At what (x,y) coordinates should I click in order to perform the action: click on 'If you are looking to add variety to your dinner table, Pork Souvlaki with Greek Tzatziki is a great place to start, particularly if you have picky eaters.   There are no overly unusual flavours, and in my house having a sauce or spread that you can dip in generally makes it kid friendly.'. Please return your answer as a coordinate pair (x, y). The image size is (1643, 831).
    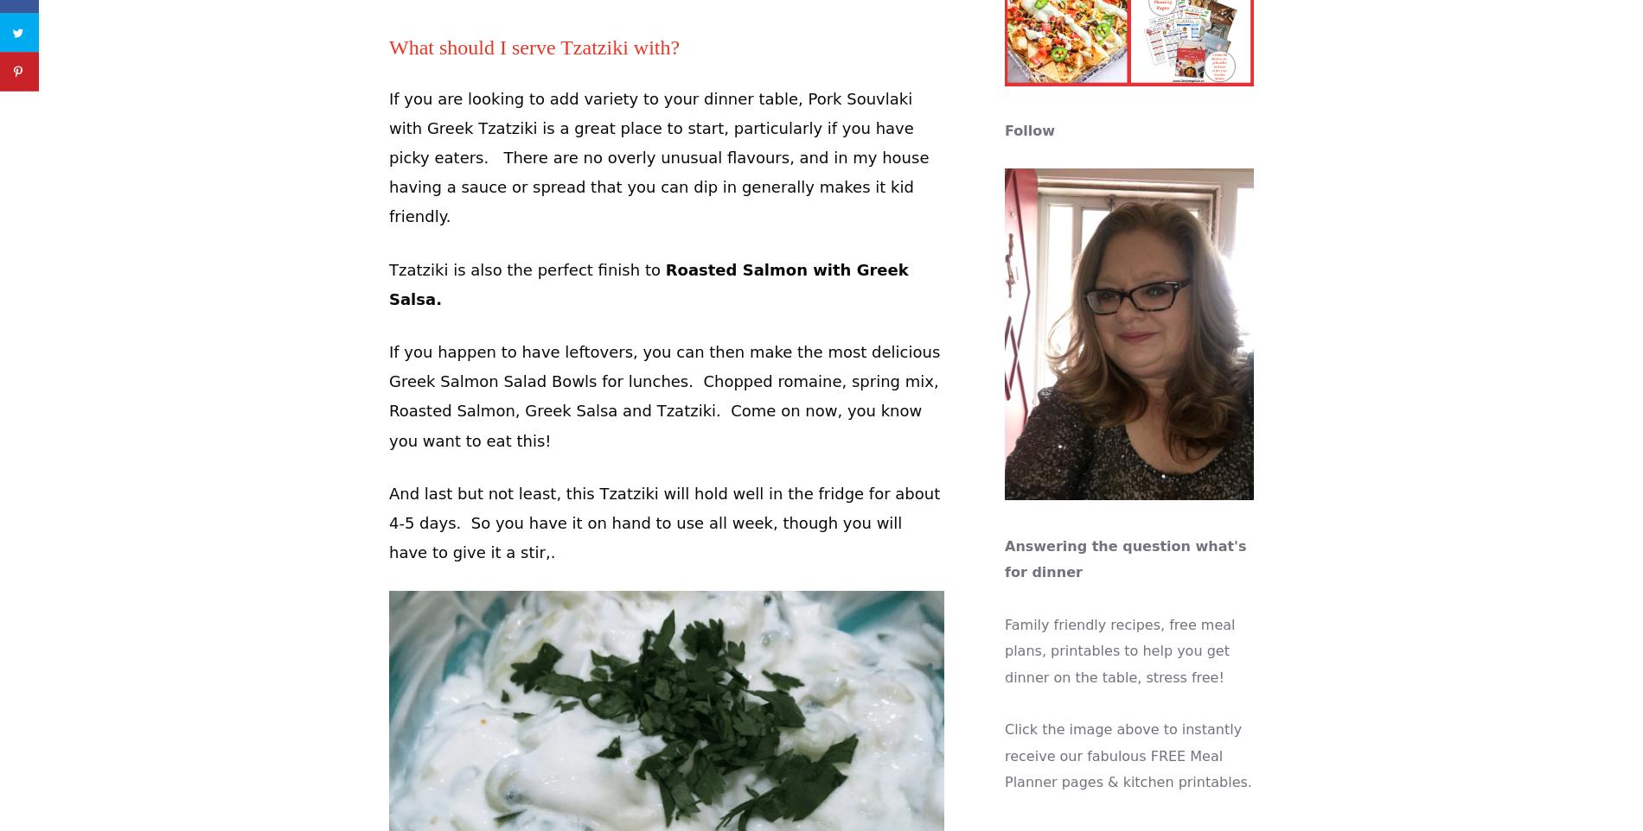
    Looking at the image, I should click on (658, 157).